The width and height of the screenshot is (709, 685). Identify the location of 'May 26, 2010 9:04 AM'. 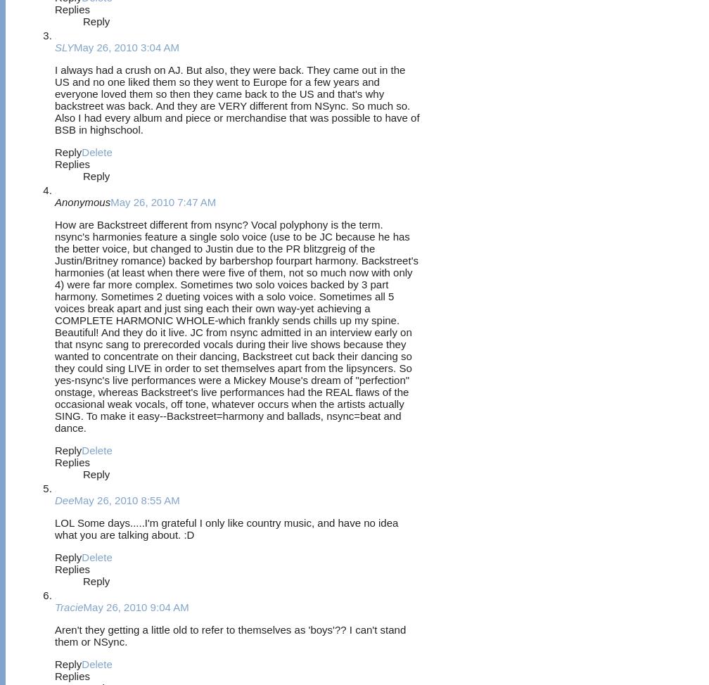
(136, 606).